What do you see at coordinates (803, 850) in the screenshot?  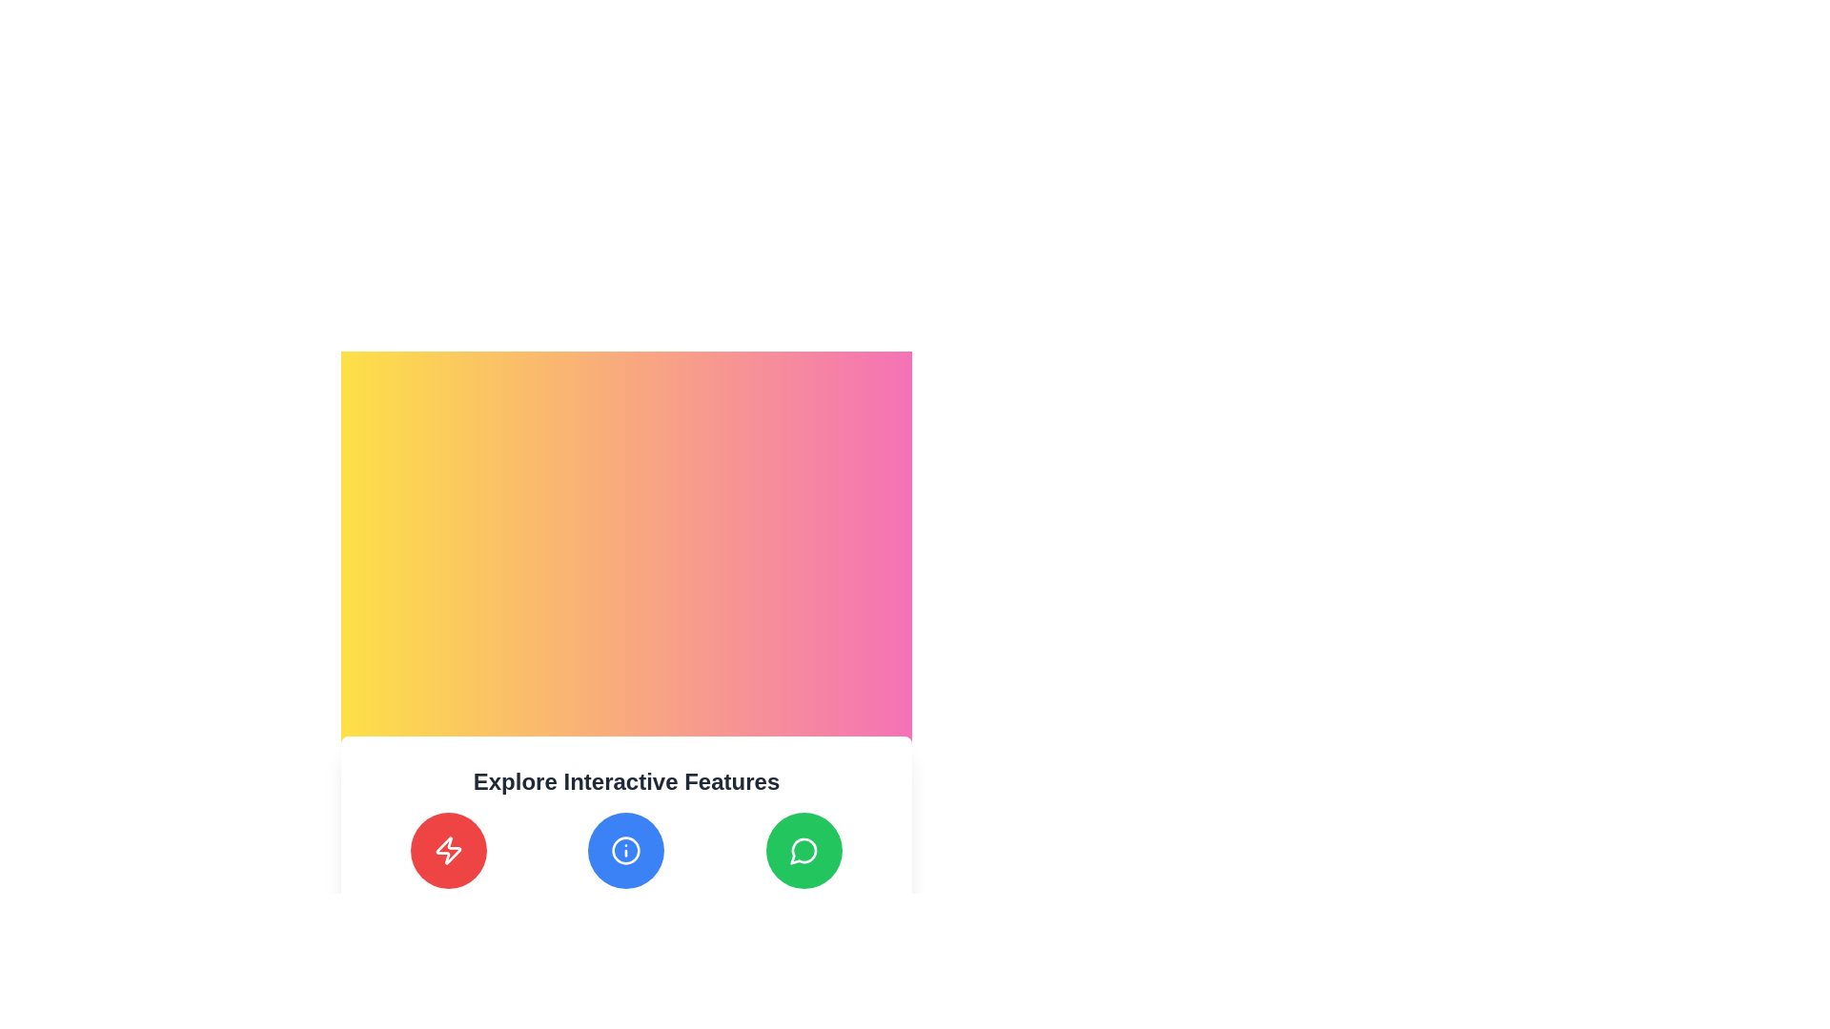 I see `the rightmost button in a row of three interactive buttons that initiates the chat or connection feature, which shows a tooltip labeled 'Connect and Chat' when hovered over` at bounding box center [803, 850].